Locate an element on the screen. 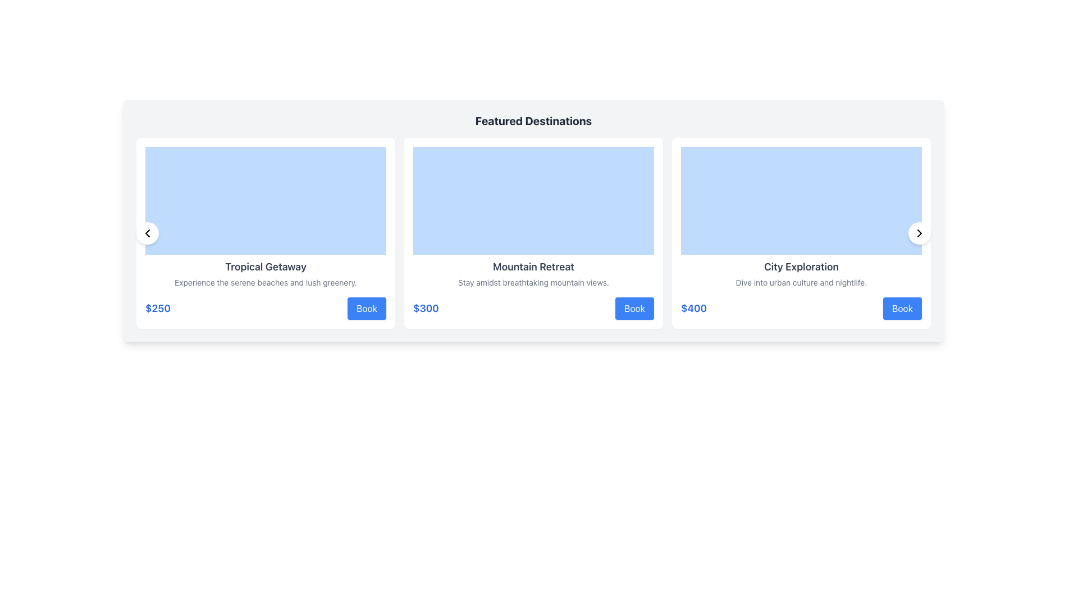 The width and height of the screenshot is (1078, 606). the navigation icon button located at the top left corner of the 'Tropical Getaway' content card is located at coordinates (147, 233).